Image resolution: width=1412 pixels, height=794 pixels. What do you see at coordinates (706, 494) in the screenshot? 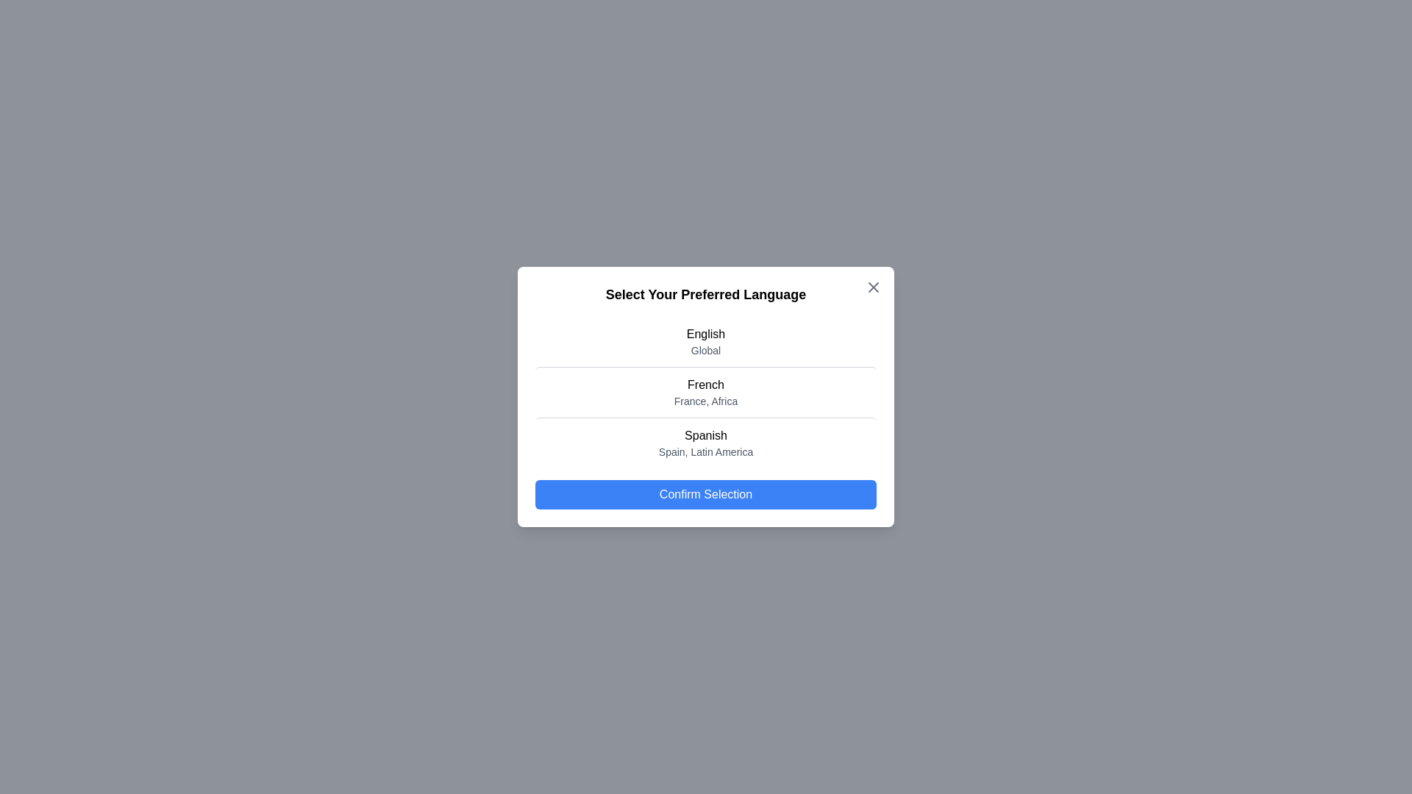
I see `'Confirm Selection' button to finalize the choice` at bounding box center [706, 494].